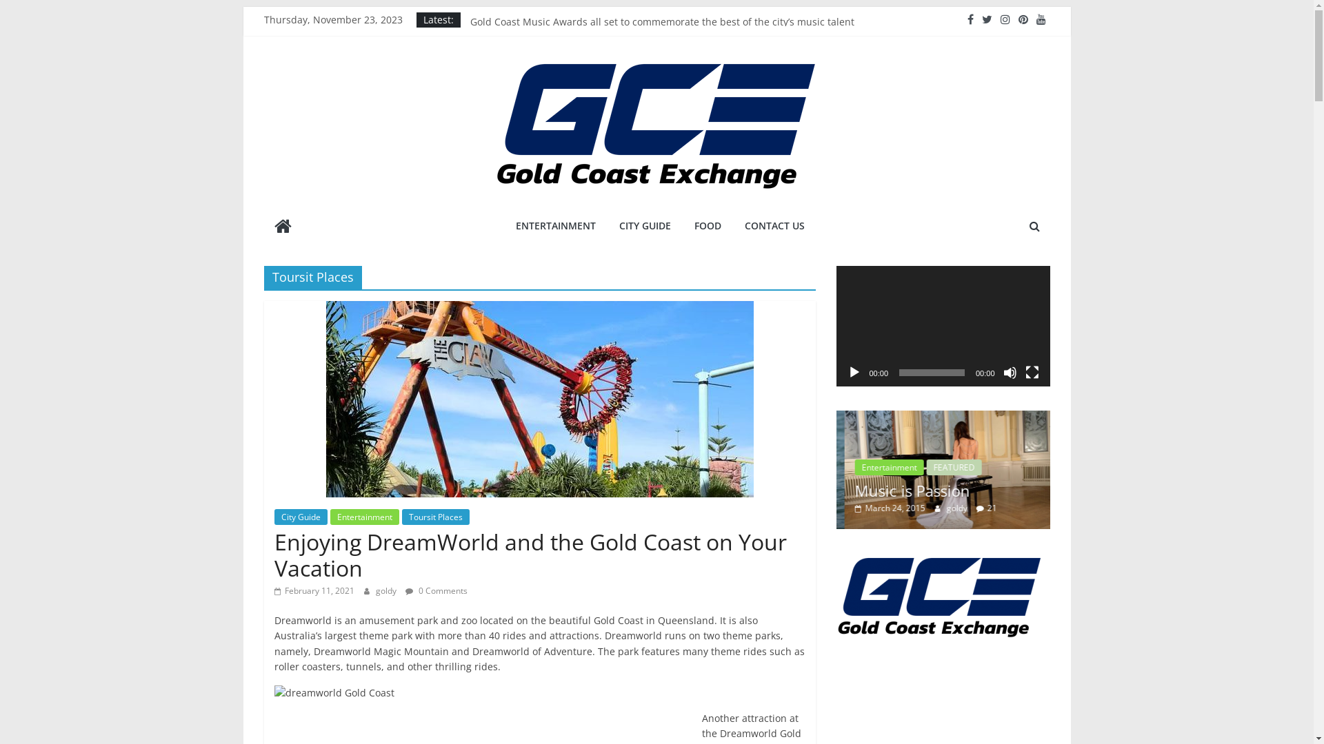  I want to click on 'Mute', so click(1010, 372).